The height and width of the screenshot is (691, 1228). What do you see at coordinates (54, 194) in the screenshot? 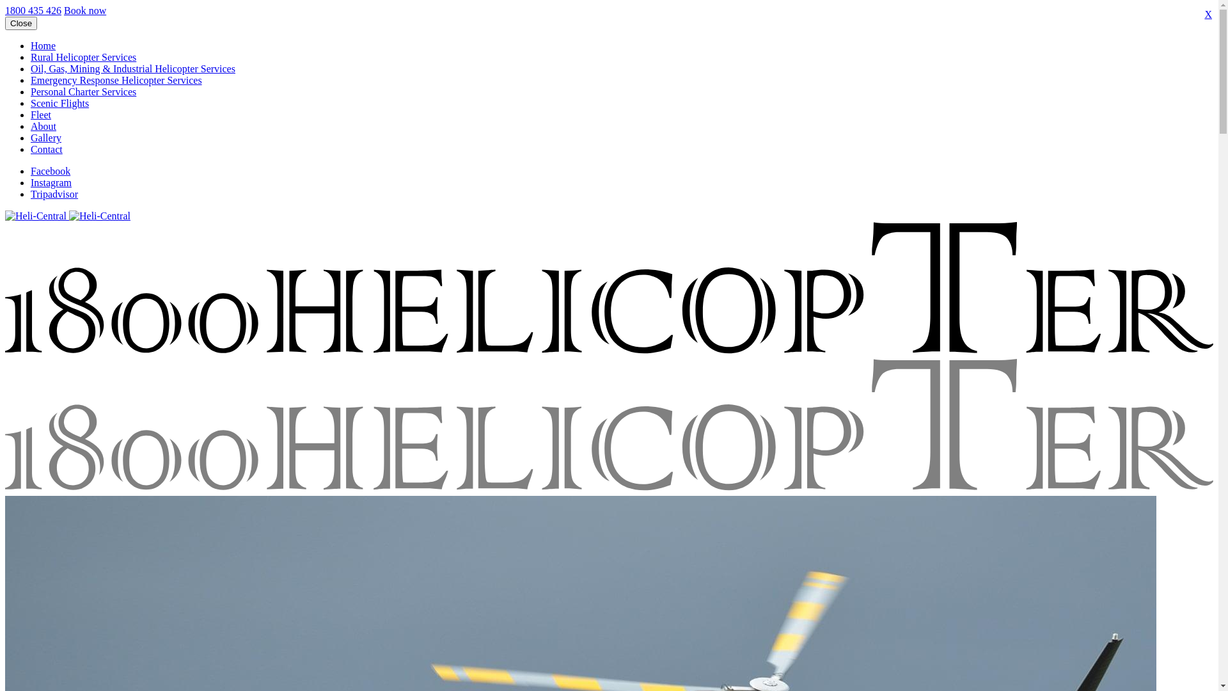
I see `'Tripadvisor'` at bounding box center [54, 194].